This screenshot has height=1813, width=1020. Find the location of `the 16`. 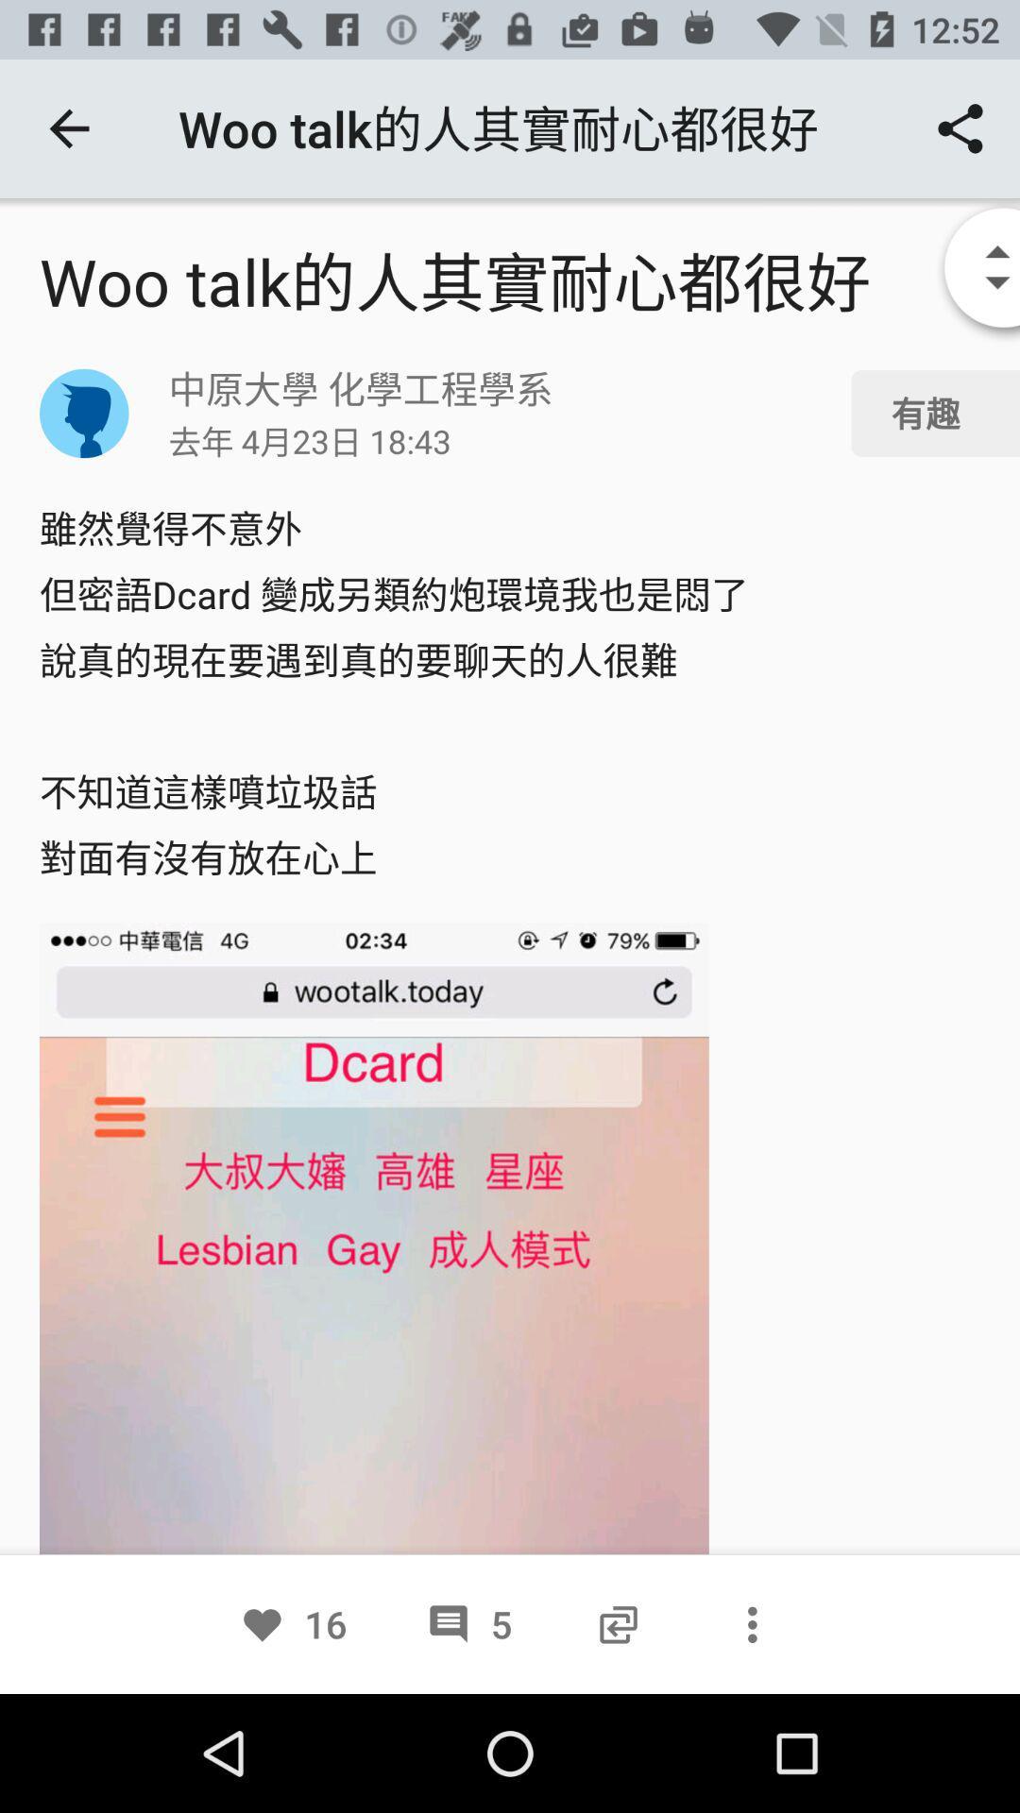

the 16 is located at coordinates (293, 1623).